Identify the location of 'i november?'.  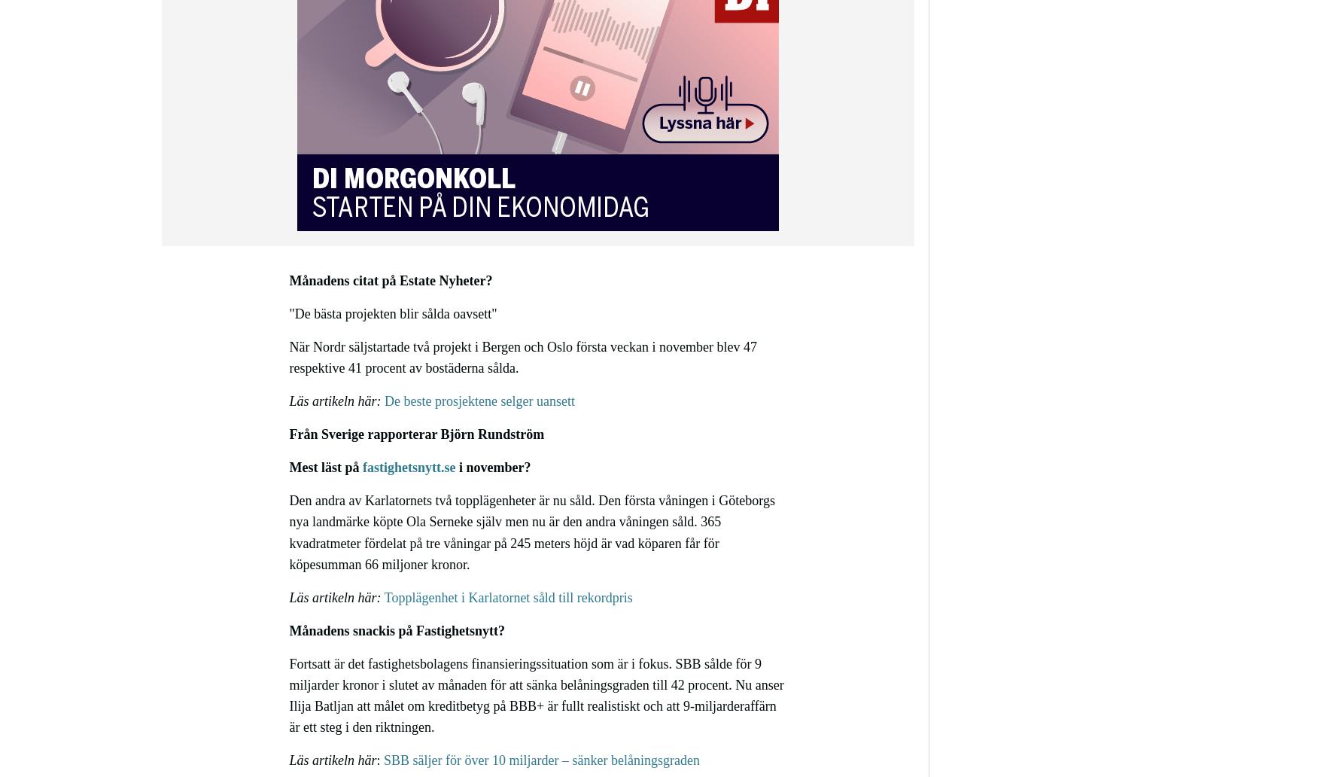
(492, 467).